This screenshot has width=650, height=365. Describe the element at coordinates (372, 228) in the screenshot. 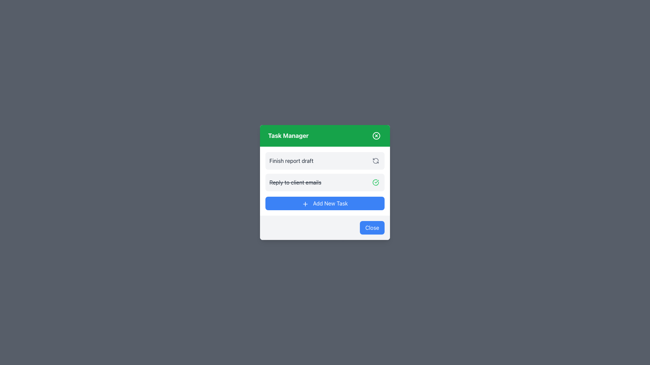

I see `the 'Close' button with a blue background and white text located in the lower right corner of the 'Task Manager' modal` at that location.